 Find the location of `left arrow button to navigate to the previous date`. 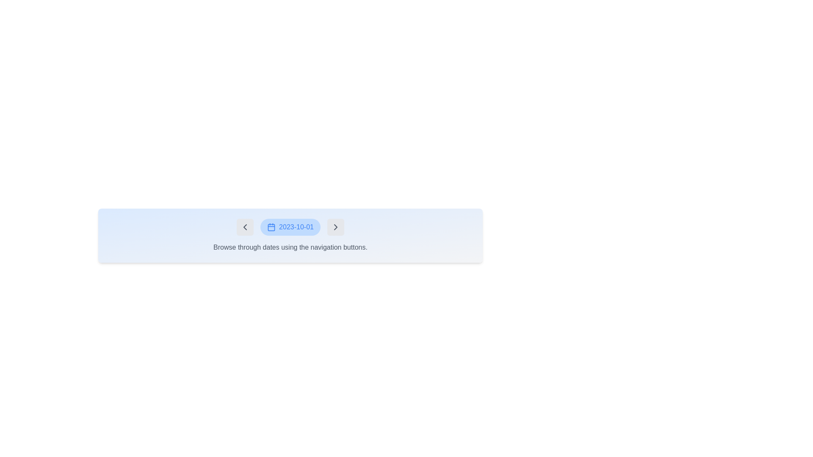

left arrow button to navigate to the previous date is located at coordinates (245, 226).